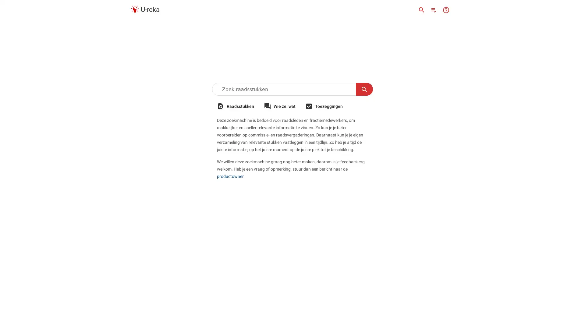 The width and height of the screenshot is (585, 329). Describe the element at coordinates (235, 106) in the screenshot. I see `Raadsstukken` at that location.